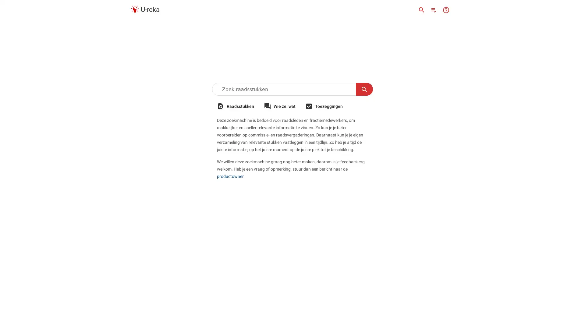 The width and height of the screenshot is (585, 329). Describe the element at coordinates (235, 106) in the screenshot. I see `Raadsstukken` at that location.